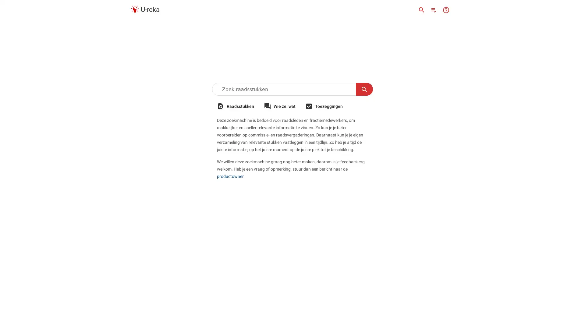 The width and height of the screenshot is (585, 329). Describe the element at coordinates (235, 106) in the screenshot. I see `Raadsstukken` at that location.